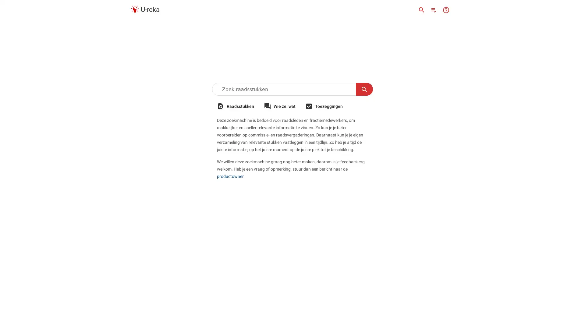 The width and height of the screenshot is (585, 329). Describe the element at coordinates (235, 106) in the screenshot. I see `Raadsstukken` at that location.